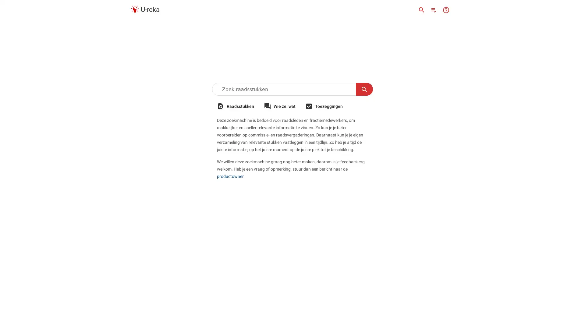 The width and height of the screenshot is (585, 329). Describe the element at coordinates (235, 106) in the screenshot. I see `Raadsstukken` at that location.